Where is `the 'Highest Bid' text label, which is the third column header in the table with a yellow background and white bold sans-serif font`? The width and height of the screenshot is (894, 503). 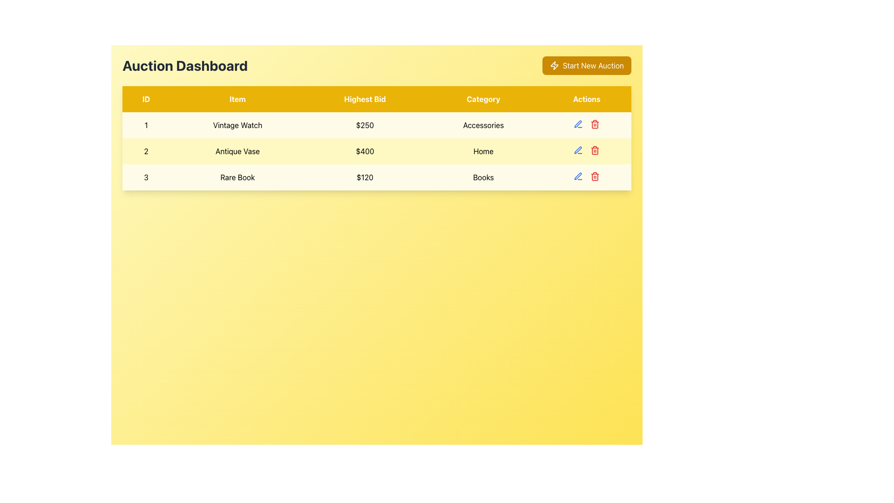
the 'Highest Bid' text label, which is the third column header in the table with a yellow background and white bold sans-serif font is located at coordinates (364, 99).